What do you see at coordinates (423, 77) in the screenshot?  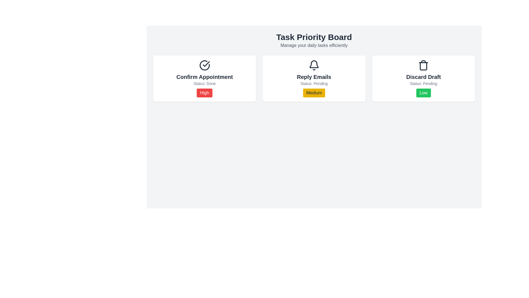 I see `the 'Discard Draft.' text label, which is styled in bold and larger font, centrally placed in the rightmost card below the trash icon` at bounding box center [423, 77].